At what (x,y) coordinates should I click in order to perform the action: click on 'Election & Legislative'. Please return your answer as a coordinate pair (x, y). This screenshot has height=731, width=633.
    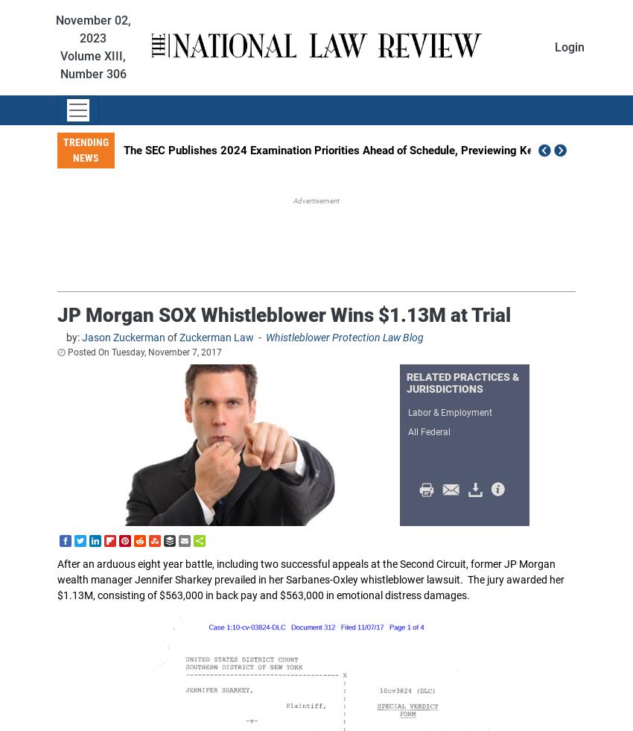
    Looking at the image, I should click on (316, 627).